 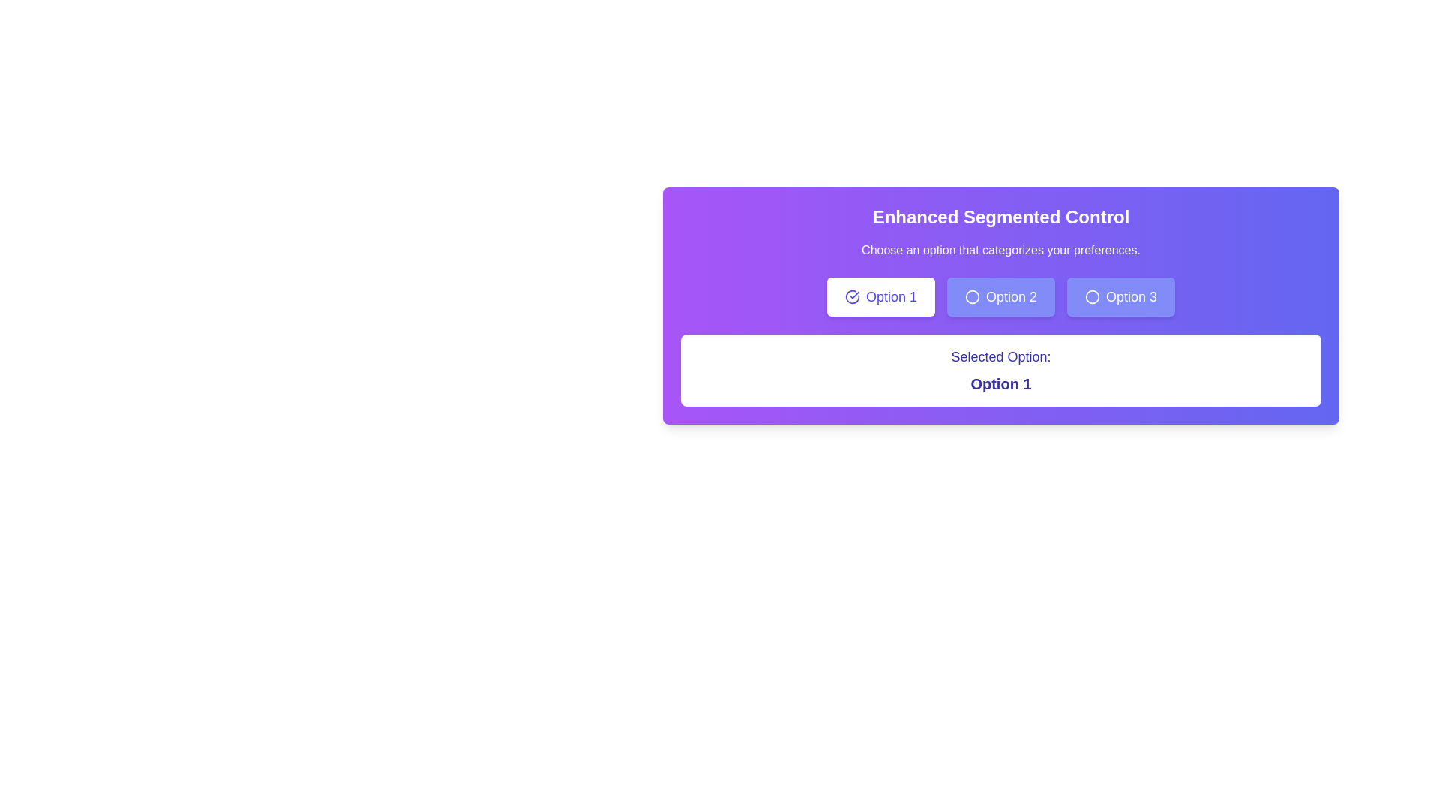 I want to click on the circular icon within the 'Option 3' button, so click(x=1093, y=297).